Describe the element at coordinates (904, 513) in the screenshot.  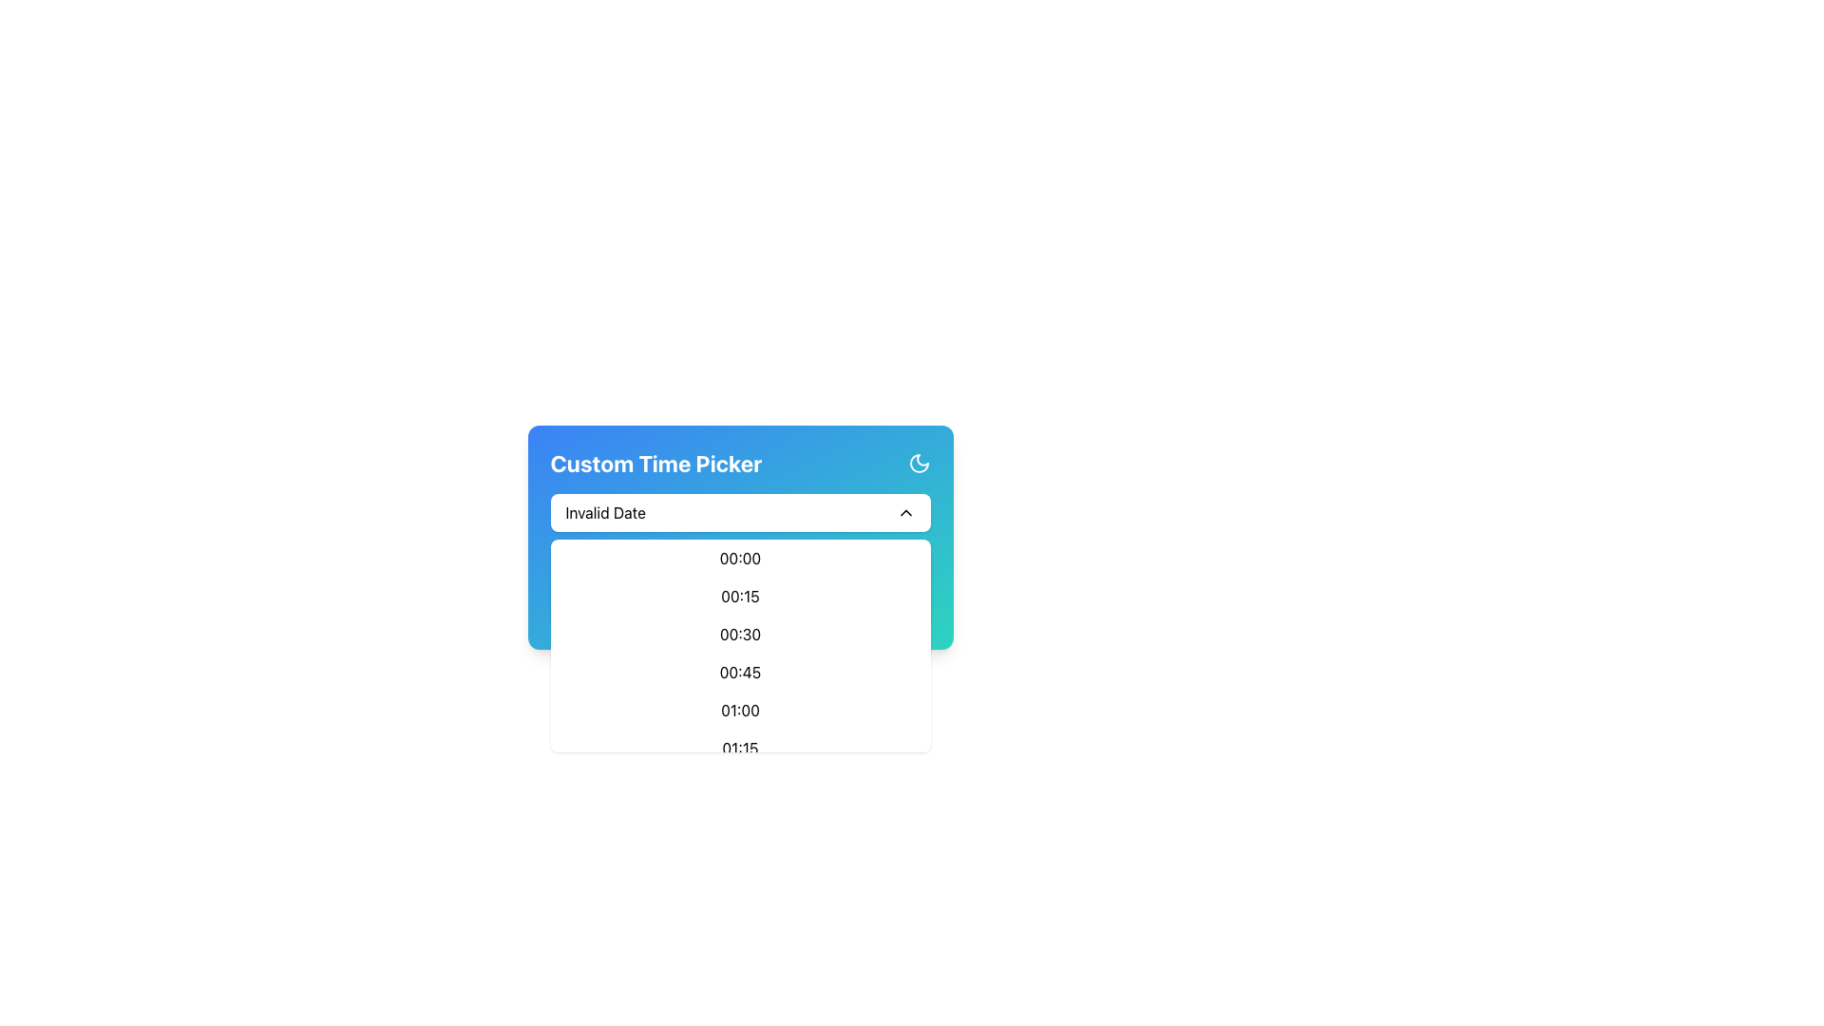
I see `the chevron icon located in the top-right corner of the 'Invalid Date' input field within the 'Custom Time Picker' component to indicate the ability to collapse the expanded time selection dropdown` at that location.